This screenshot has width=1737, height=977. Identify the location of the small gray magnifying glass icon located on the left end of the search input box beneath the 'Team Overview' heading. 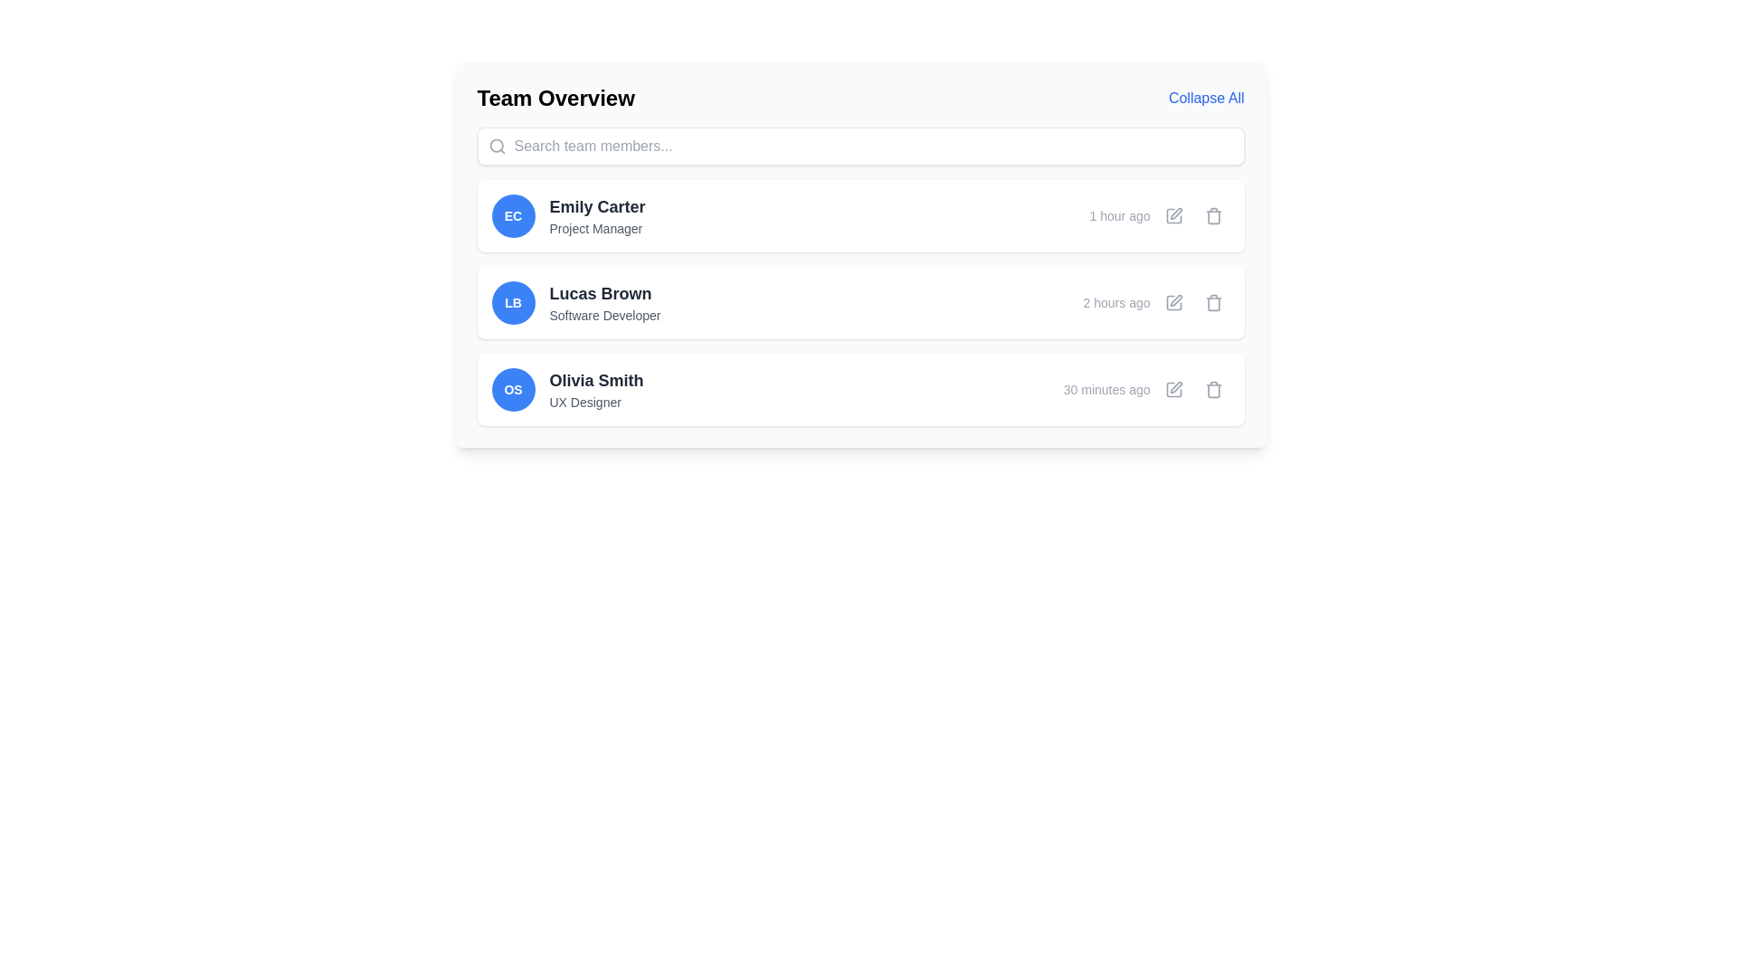
(497, 146).